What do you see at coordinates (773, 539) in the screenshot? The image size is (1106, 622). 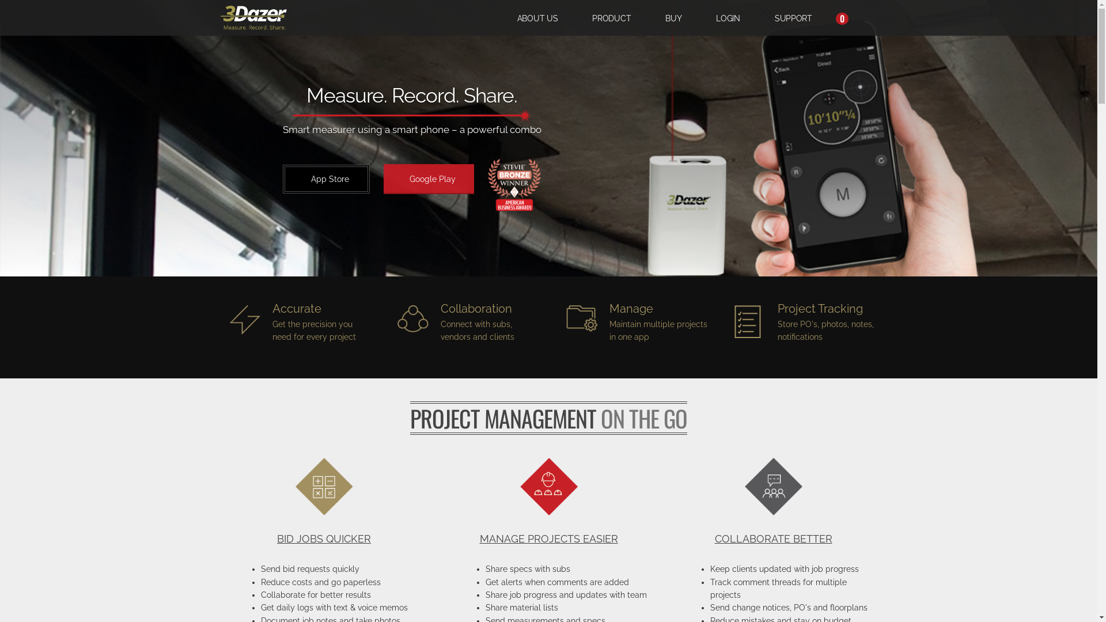 I see `'COLLABORATE BETTER'` at bounding box center [773, 539].